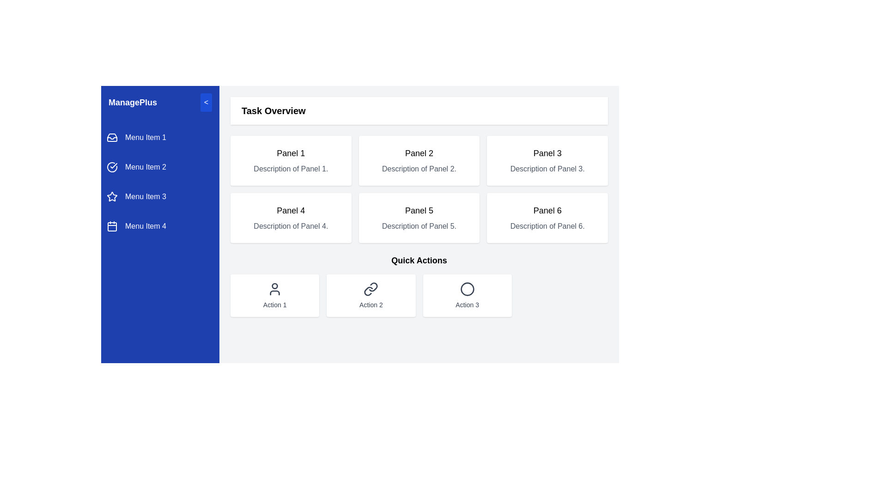 This screenshot has height=499, width=887. Describe the element at coordinates (145, 137) in the screenshot. I see `the static text label for 'Menu Item 1', which is the first item in the vertical list of menu options located below the 'ManagePlus' header on the left sidebar` at that location.